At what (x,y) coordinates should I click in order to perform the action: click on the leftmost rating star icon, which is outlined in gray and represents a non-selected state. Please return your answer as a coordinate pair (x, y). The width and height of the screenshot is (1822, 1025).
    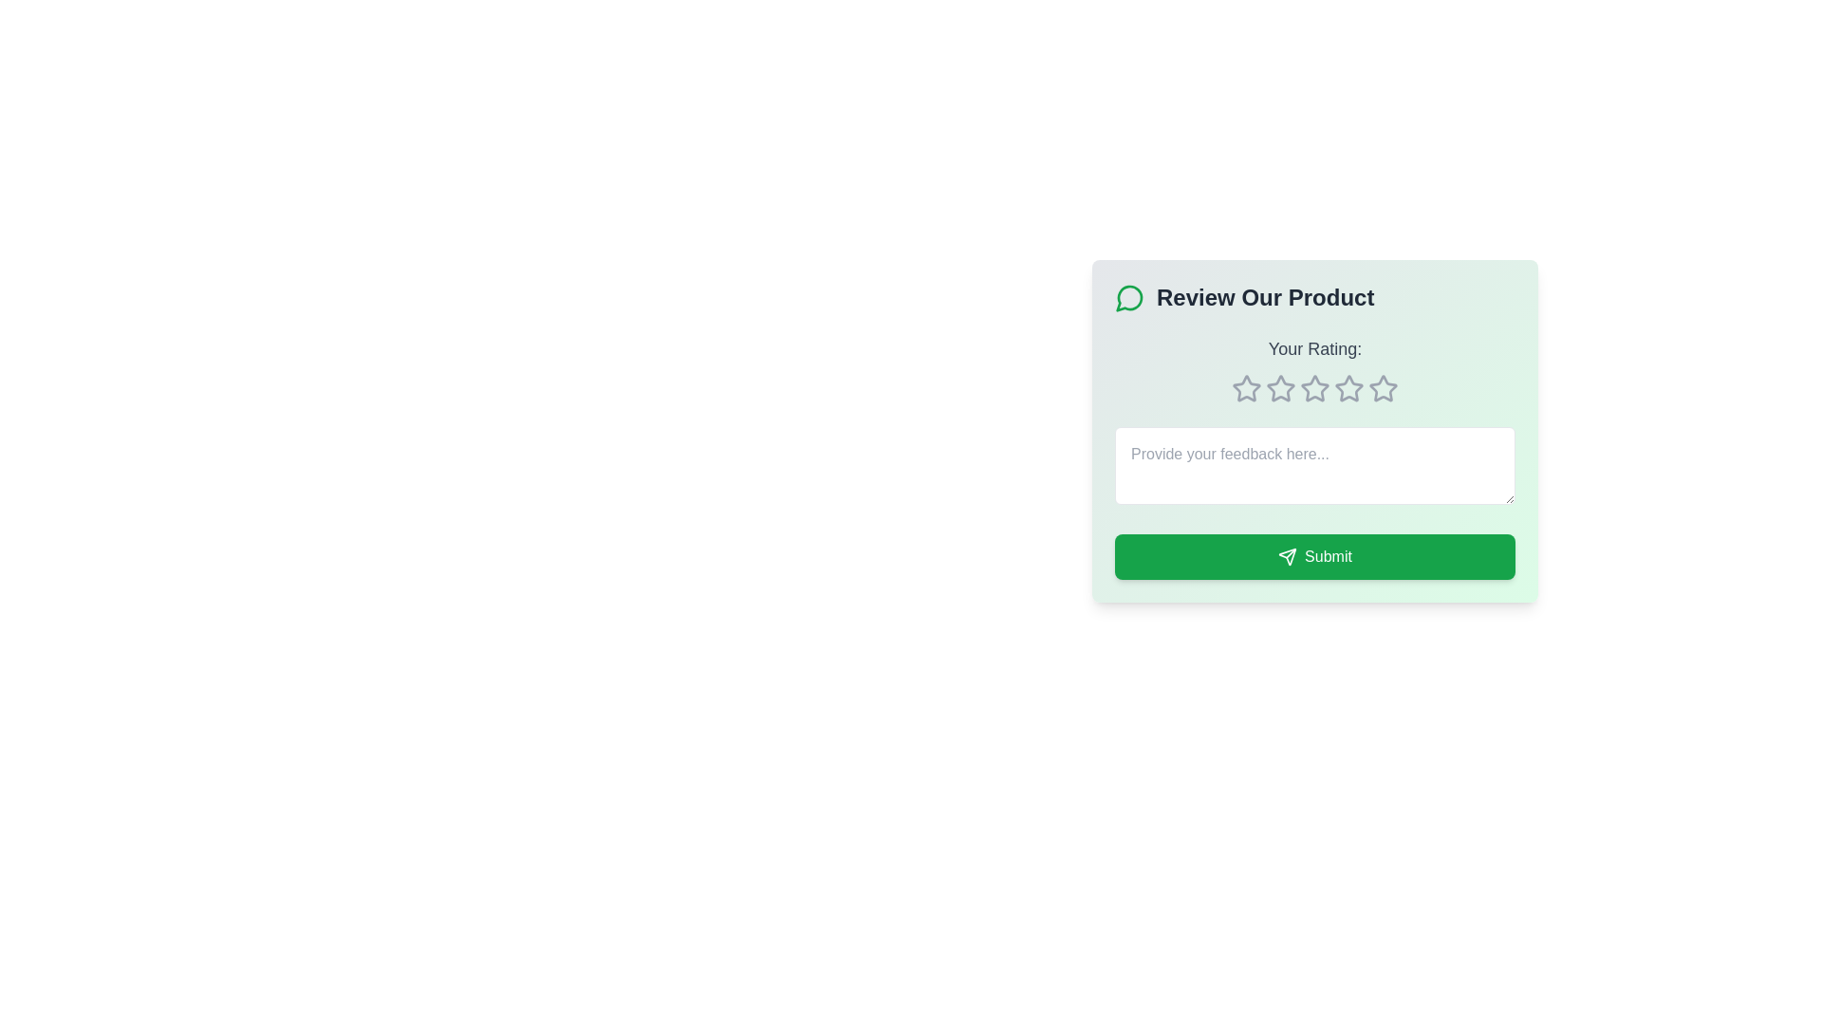
    Looking at the image, I should click on (1247, 387).